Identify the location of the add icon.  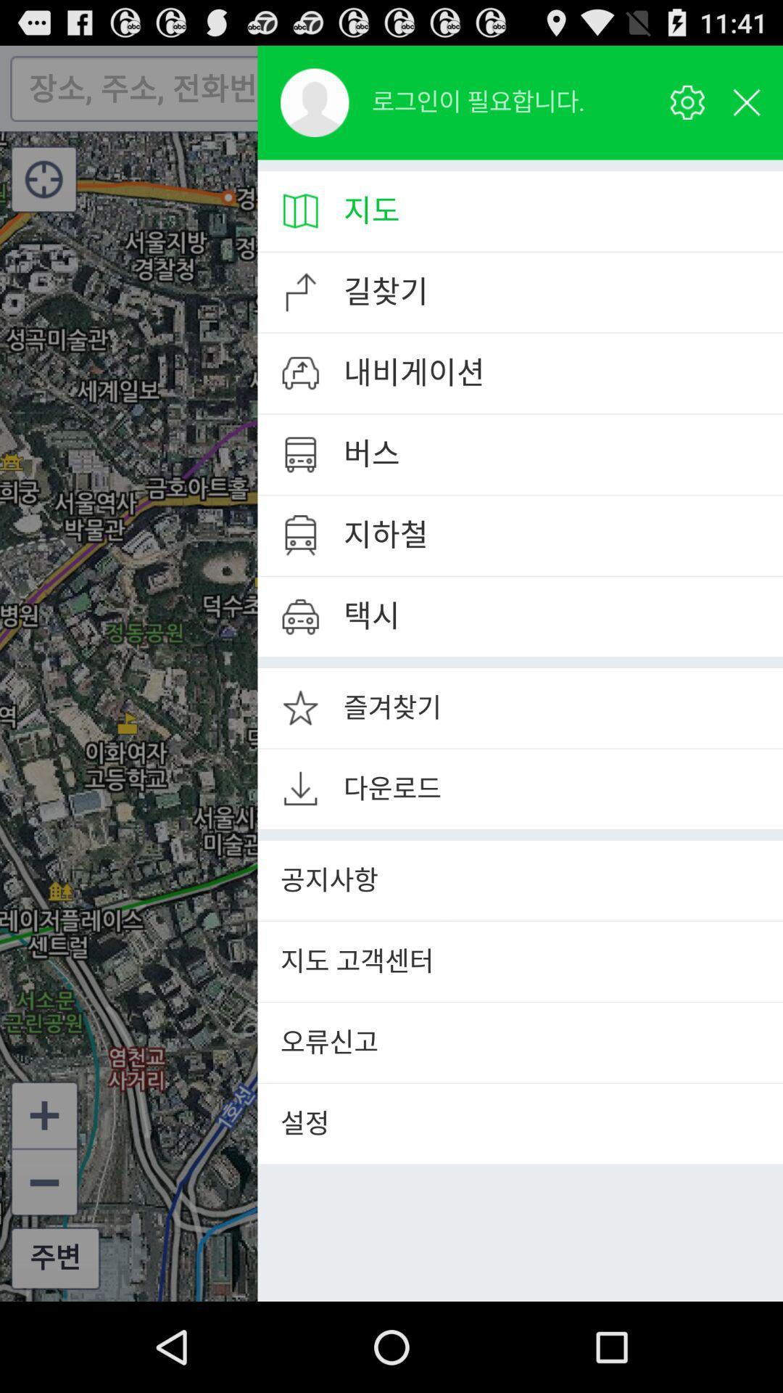
(43, 1193).